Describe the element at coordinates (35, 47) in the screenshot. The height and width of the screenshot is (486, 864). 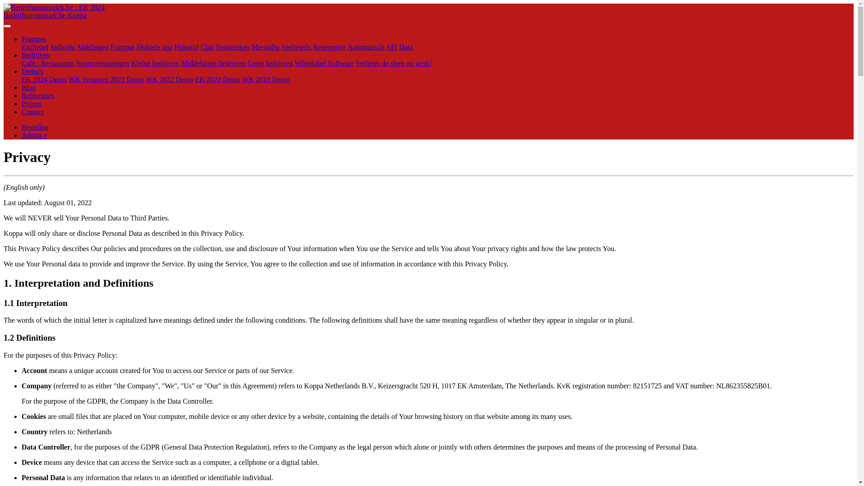
I see `'Exclusief'` at that location.